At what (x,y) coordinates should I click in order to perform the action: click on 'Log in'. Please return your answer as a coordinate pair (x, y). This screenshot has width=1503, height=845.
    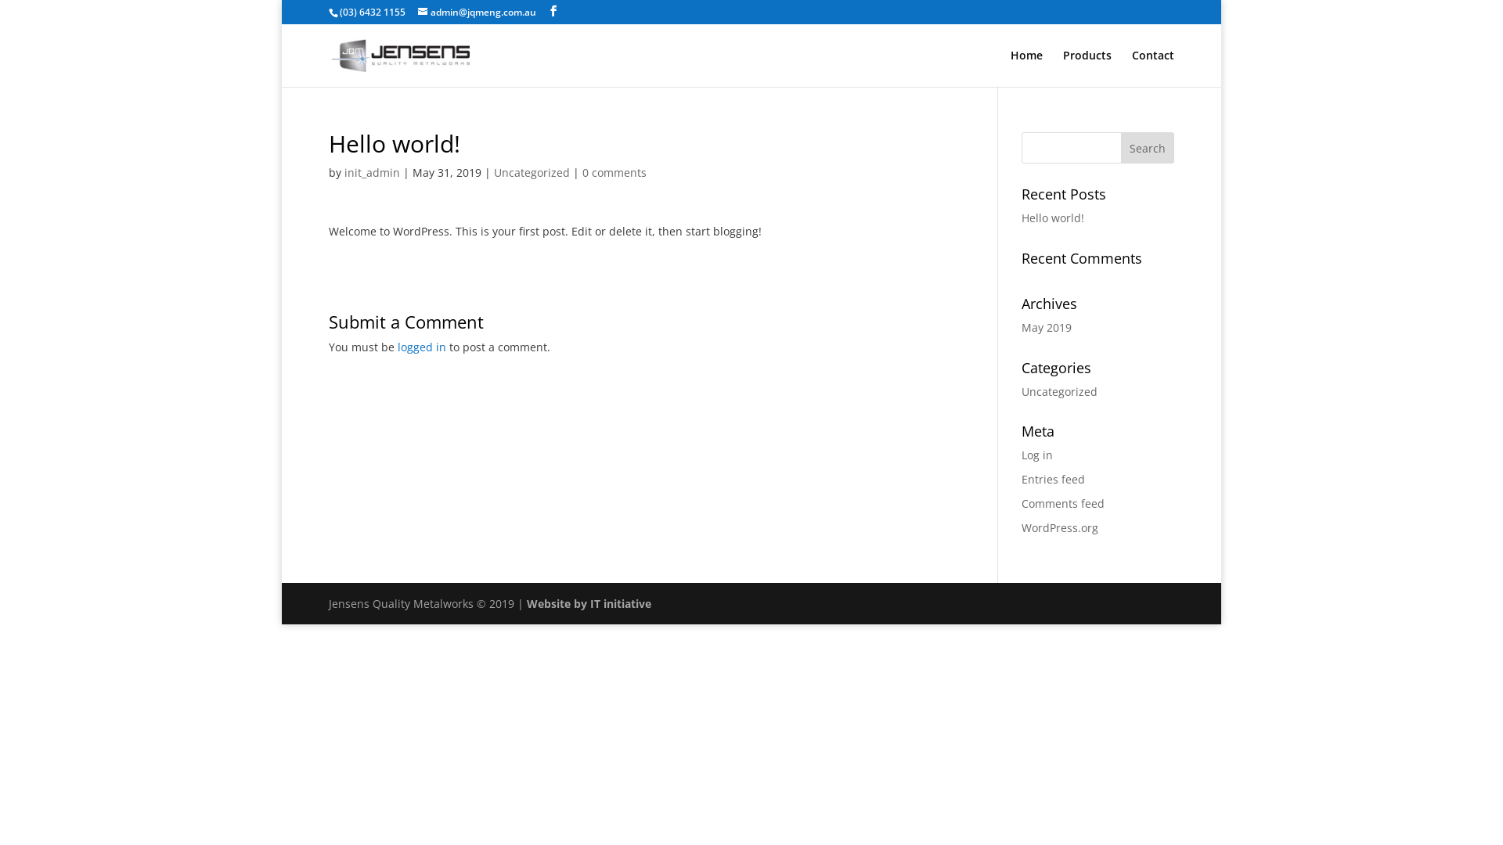
    Looking at the image, I should click on (1022, 455).